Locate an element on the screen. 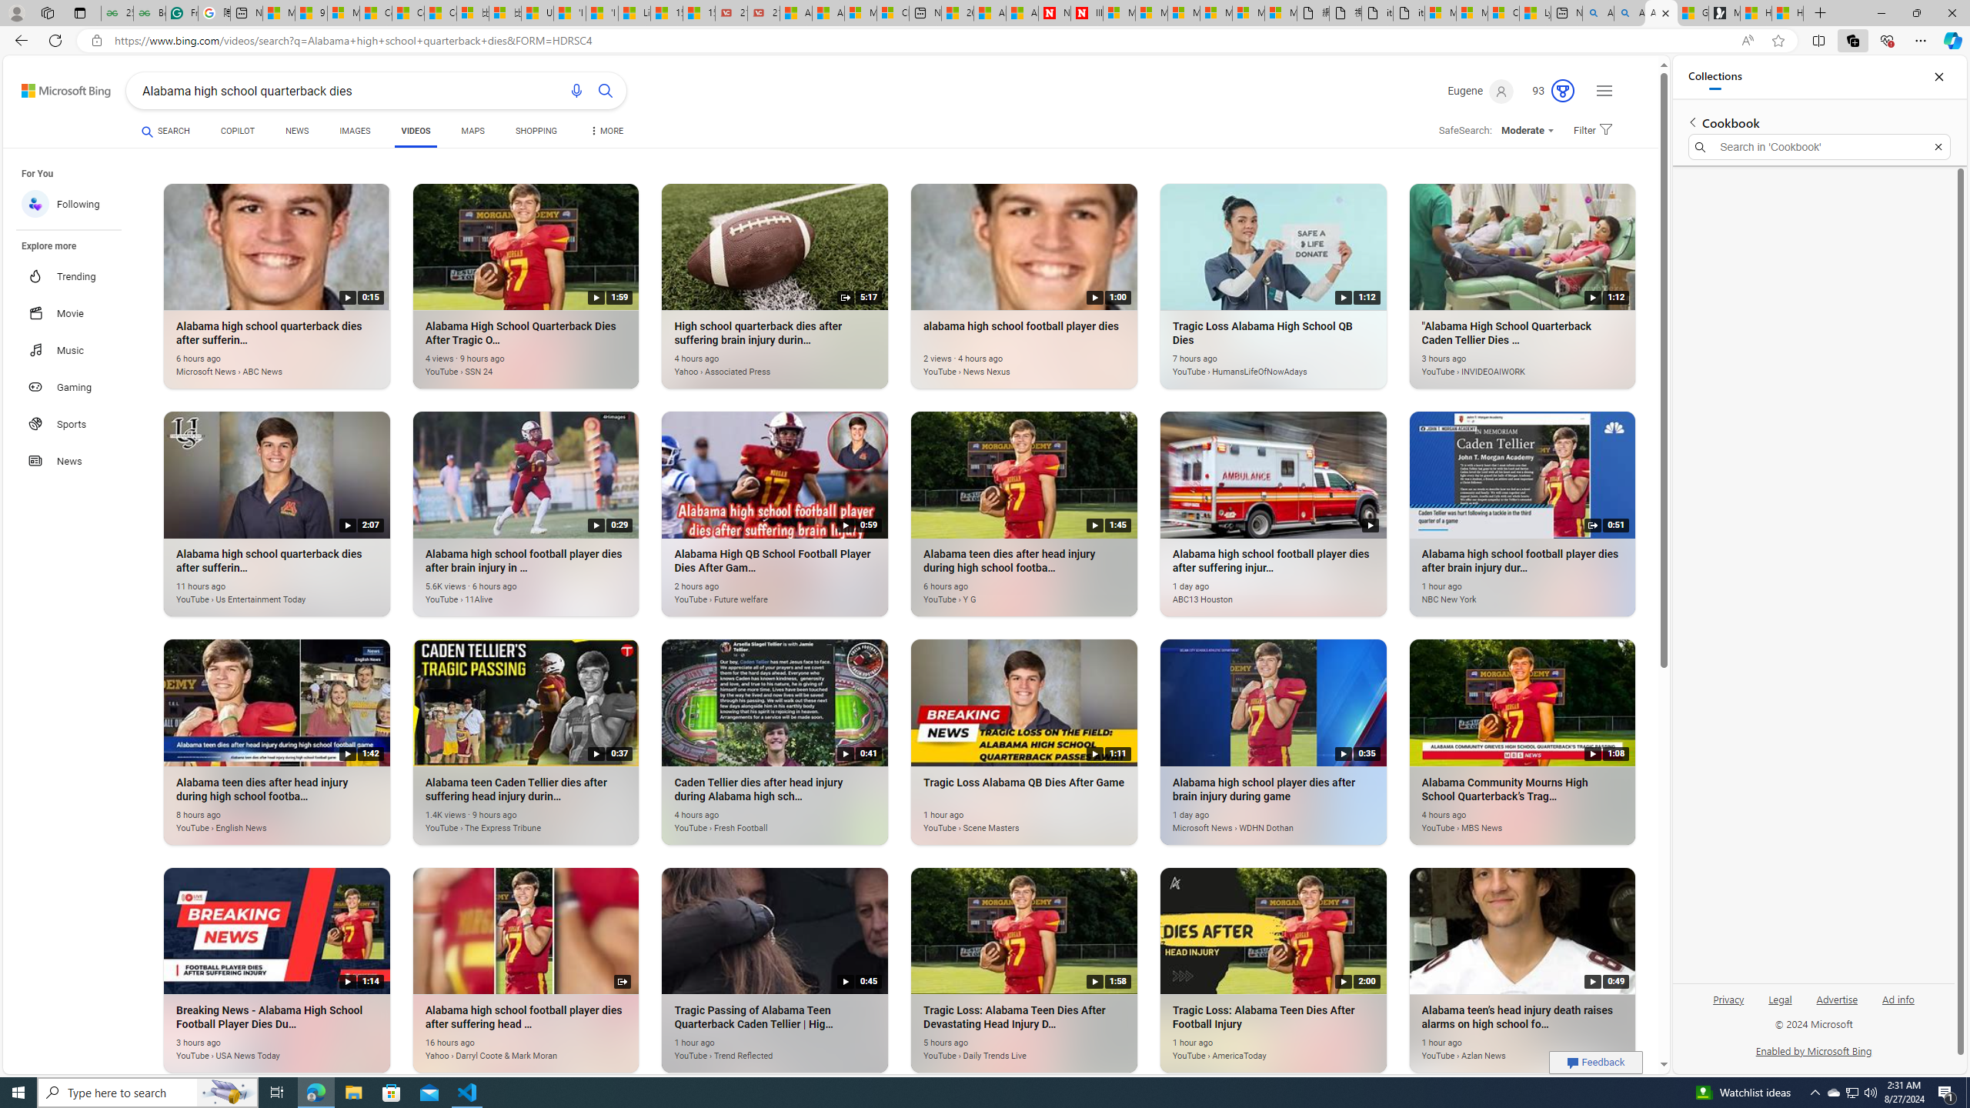  'Alabama high school quarterback dies - Search' is located at coordinates (1598, 12).